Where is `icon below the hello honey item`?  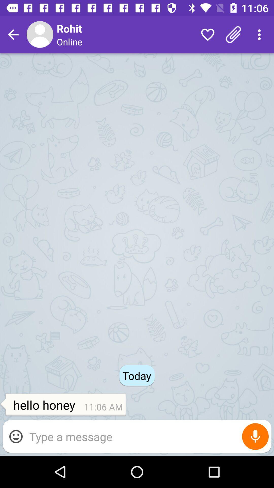 icon below the hello honey item is located at coordinates (148, 436).